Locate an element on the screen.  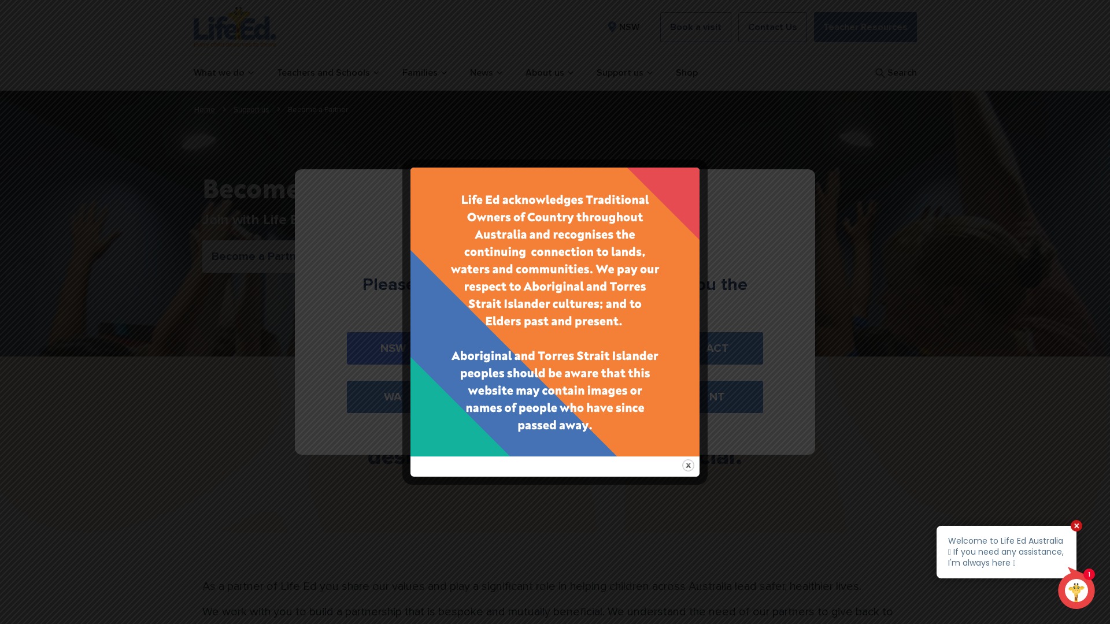
'Teachers and Schools' is located at coordinates (327, 73).